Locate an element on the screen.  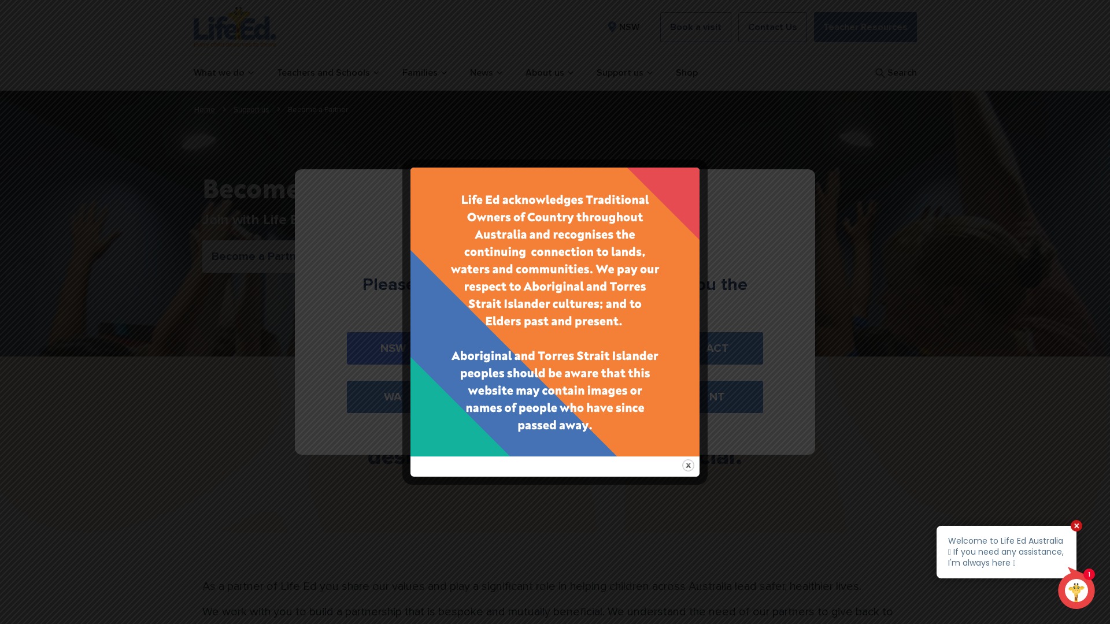
'Teachers and Schools' is located at coordinates (327, 73).